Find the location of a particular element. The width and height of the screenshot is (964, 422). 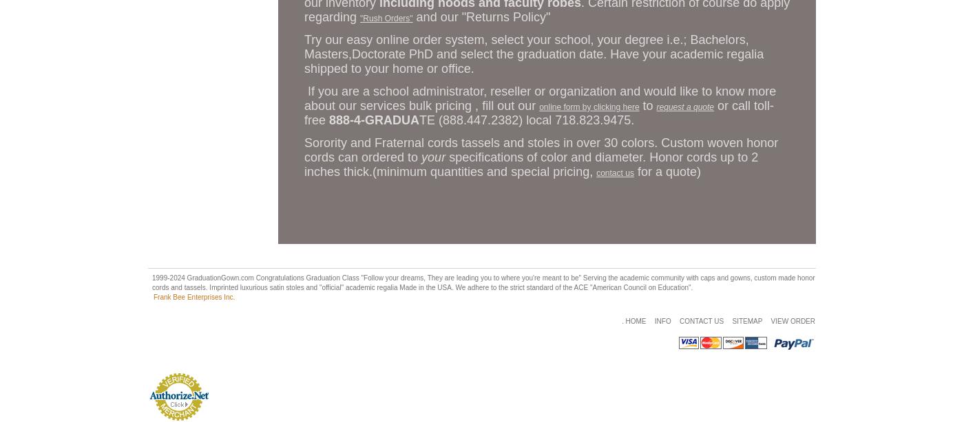

'Try our easy online order system, select your school, your degree i.e.; Bachelors, Masters,Doctorate PhD and select the graduation date. Have your academic regalia  shipped to your home or office.' is located at coordinates (535, 54).